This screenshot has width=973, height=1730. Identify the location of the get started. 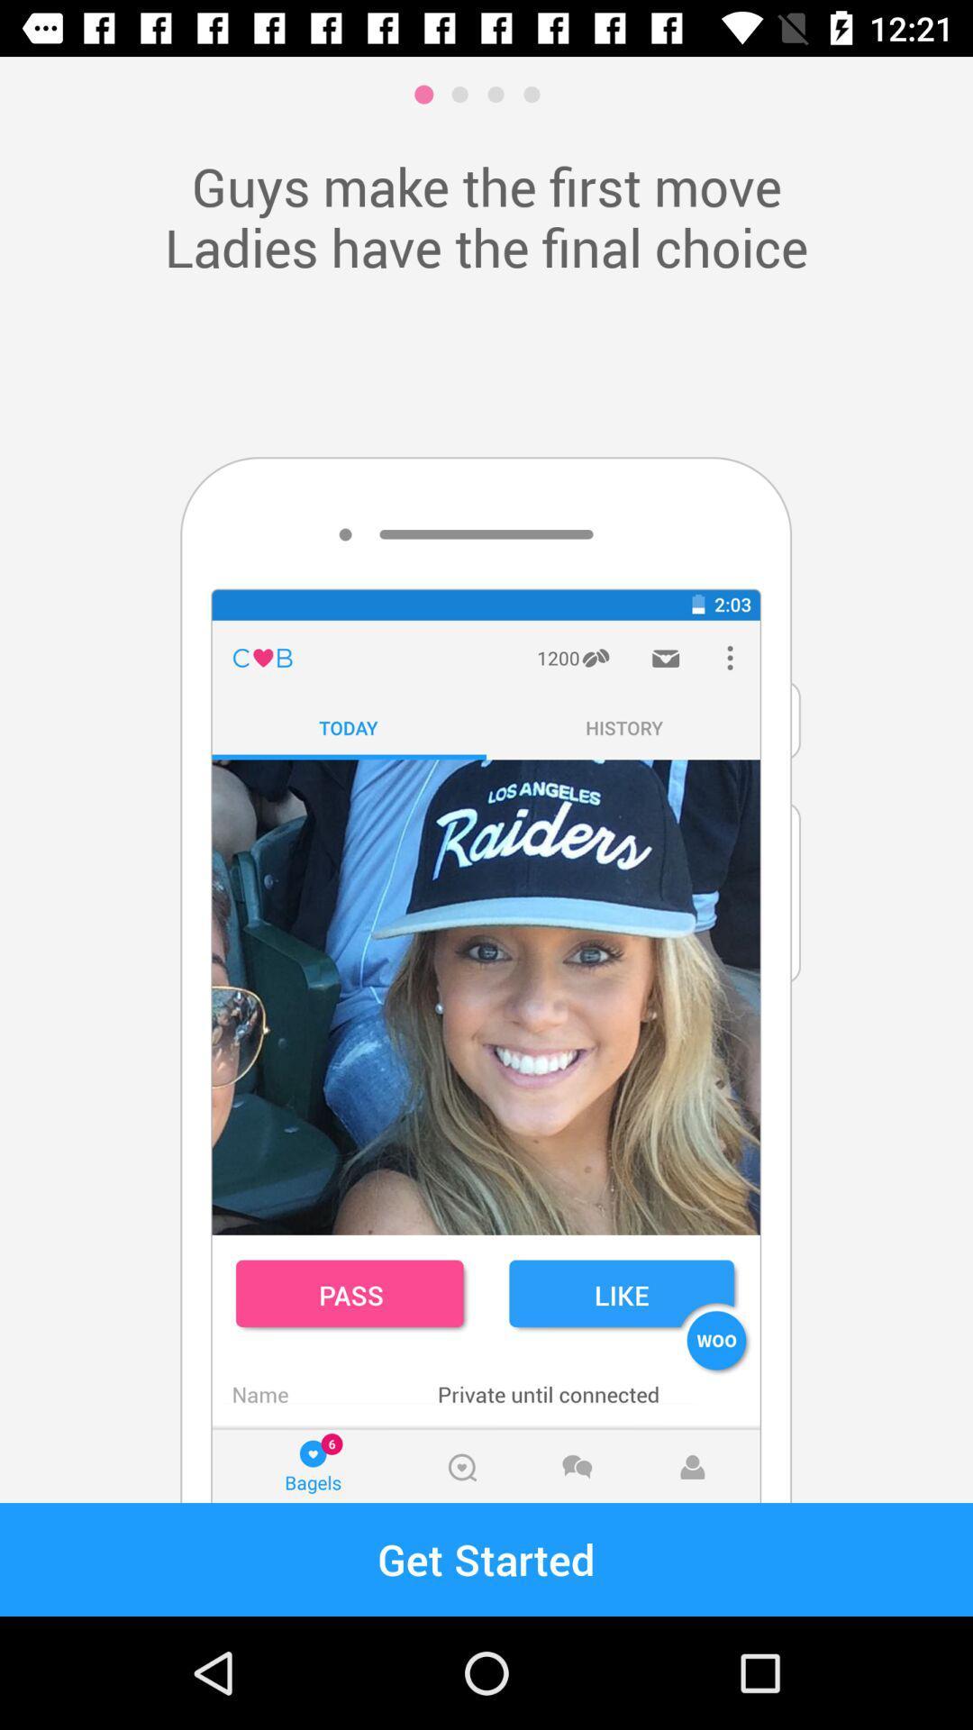
(486, 1559).